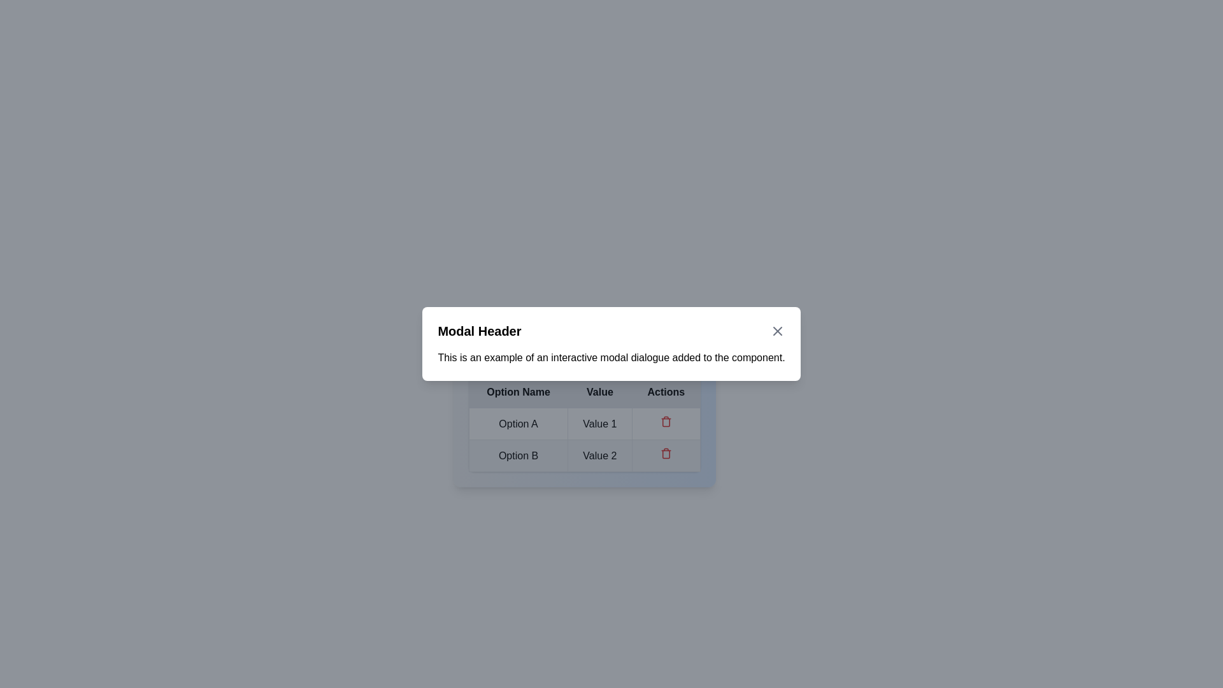  I want to click on the close Button (icon-button) located in the top-right corner of the modal header to observe a color change, so click(776, 331).